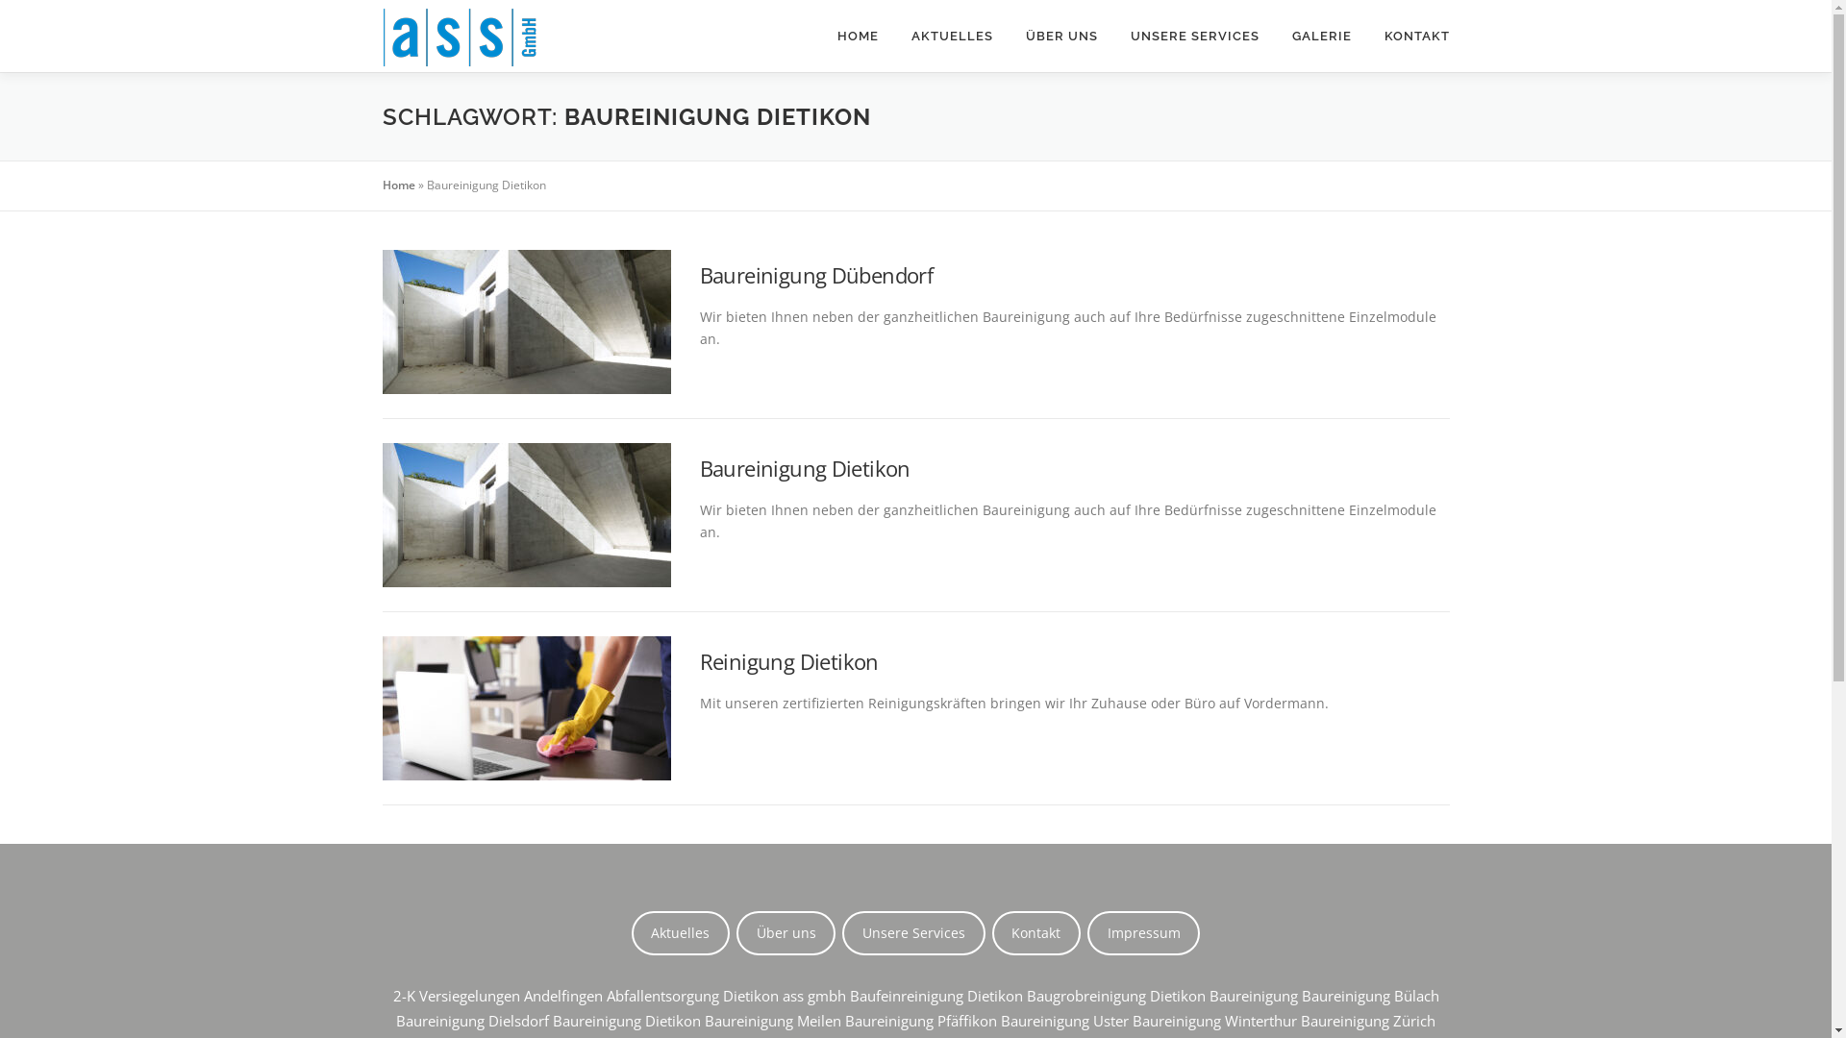 Image resolution: width=1846 pixels, height=1038 pixels. I want to click on 'HOME', so click(857, 36).